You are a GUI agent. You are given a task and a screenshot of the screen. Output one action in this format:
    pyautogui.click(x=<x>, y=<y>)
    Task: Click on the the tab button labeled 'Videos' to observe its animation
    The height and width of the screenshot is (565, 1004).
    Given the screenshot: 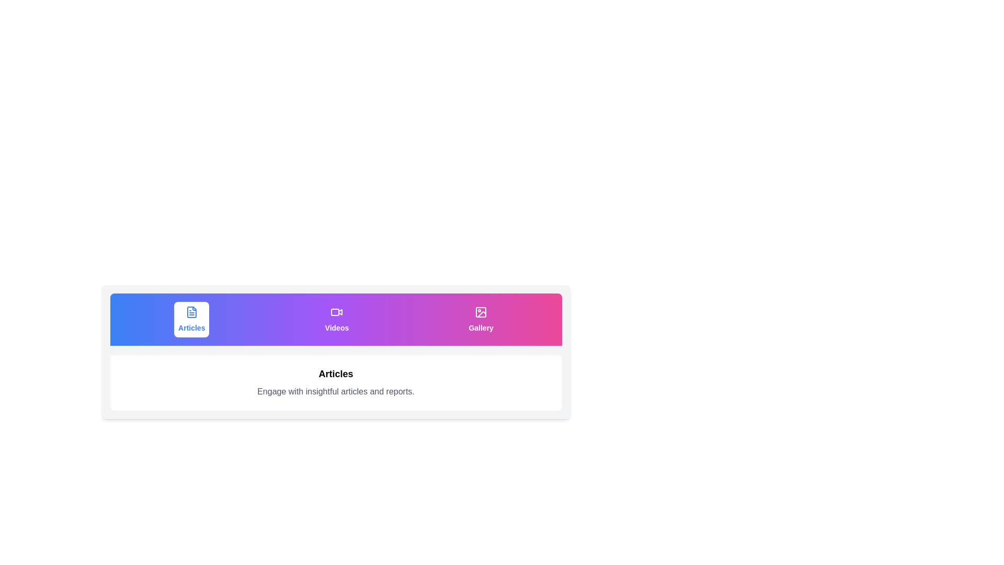 What is the action you would take?
    pyautogui.click(x=337, y=319)
    